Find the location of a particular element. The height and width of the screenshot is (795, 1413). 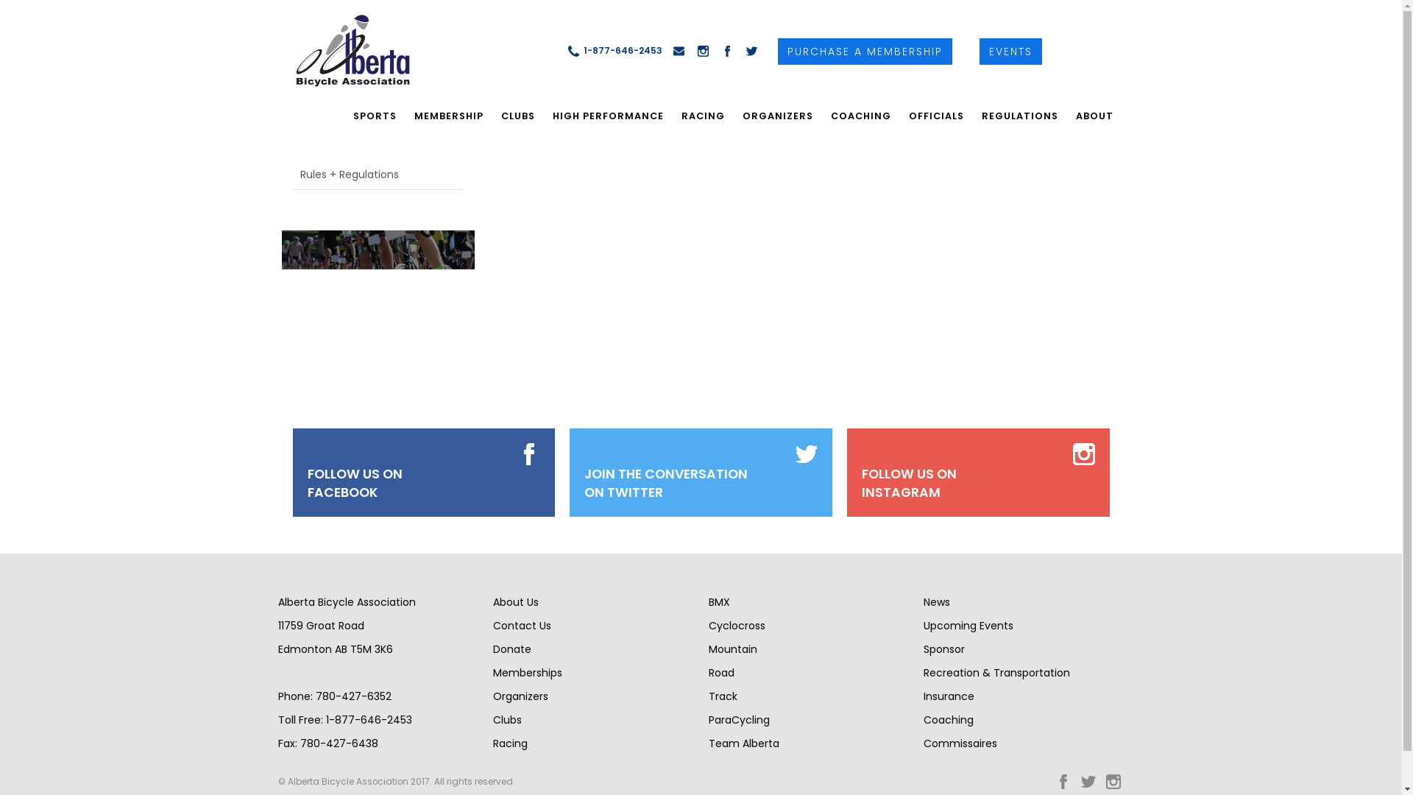

'Donate' is located at coordinates (512, 649).